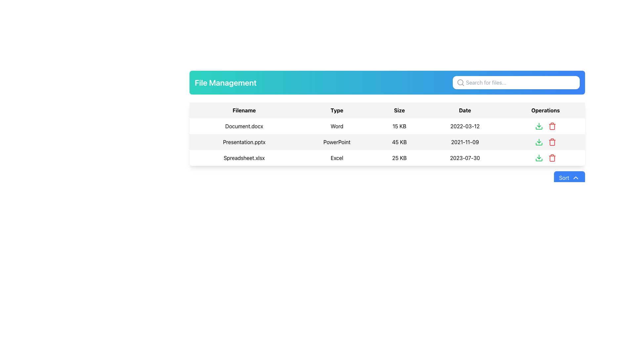  What do you see at coordinates (337, 158) in the screenshot?
I see `the Text Label displaying the file type for 'Spreadsheet.xlsx', located in the third row under the 'Type' column` at bounding box center [337, 158].